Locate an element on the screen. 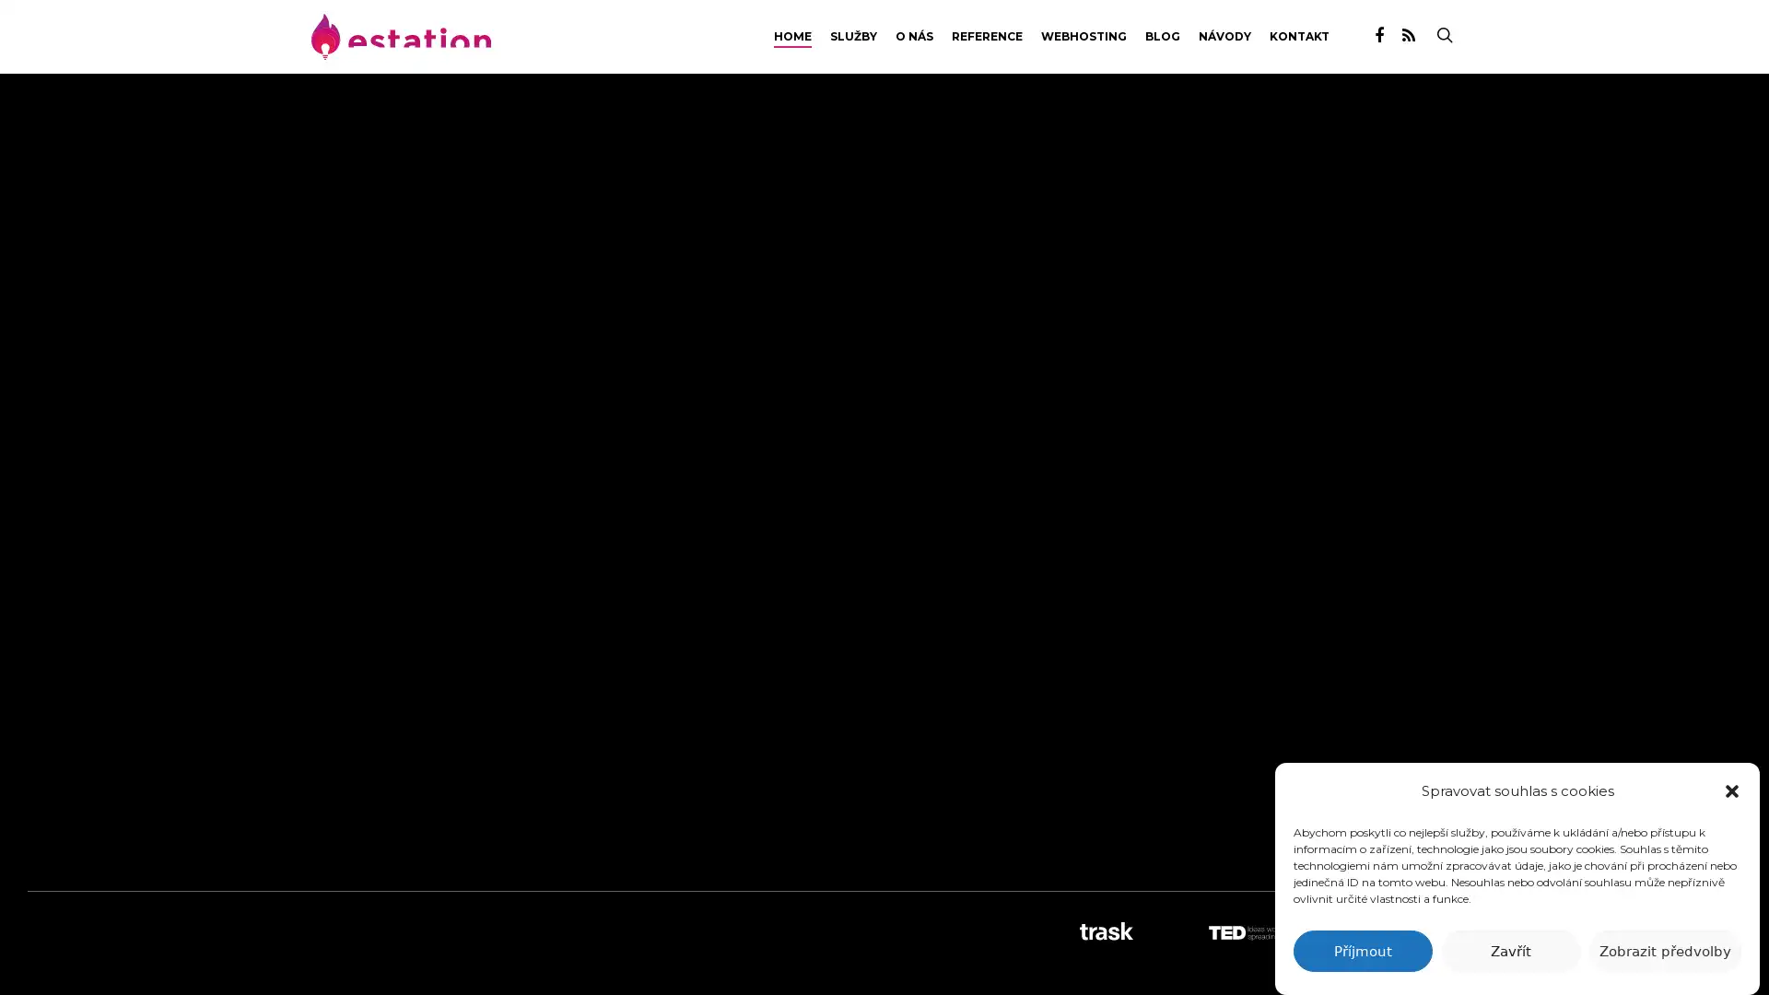  Zobrazit predvolby is located at coordinates (1665, 951).